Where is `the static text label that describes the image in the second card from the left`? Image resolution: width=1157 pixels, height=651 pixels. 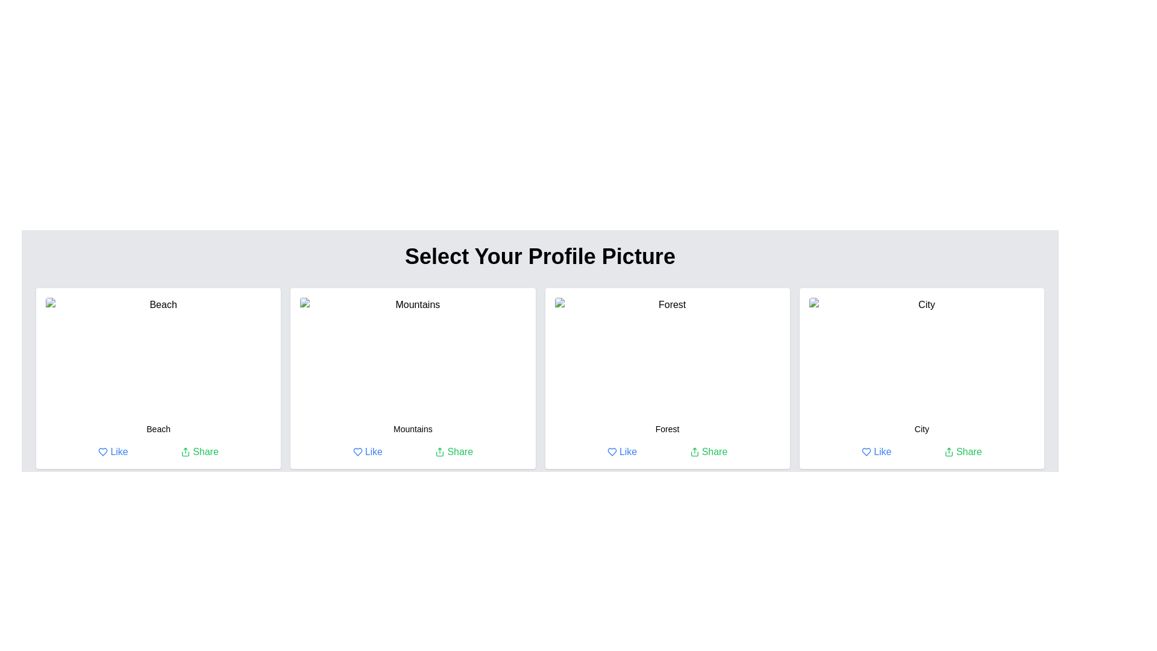 the static text label that describes the image in the second card from the left is located at coordinates (413, 429).